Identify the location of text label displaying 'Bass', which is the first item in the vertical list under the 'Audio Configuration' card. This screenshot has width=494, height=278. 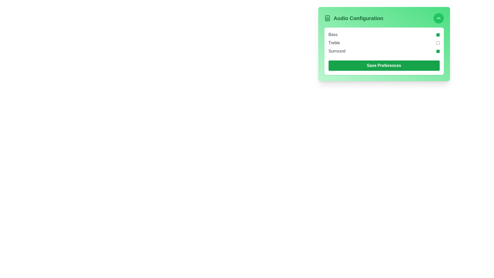
(333, 35).